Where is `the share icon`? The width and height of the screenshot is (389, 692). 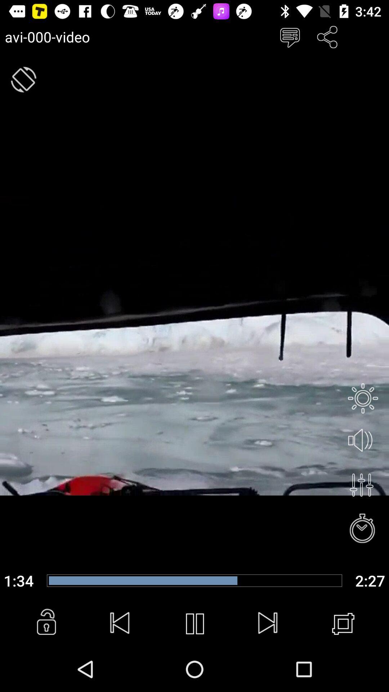
the share icon is located at coordinates (327, 36).